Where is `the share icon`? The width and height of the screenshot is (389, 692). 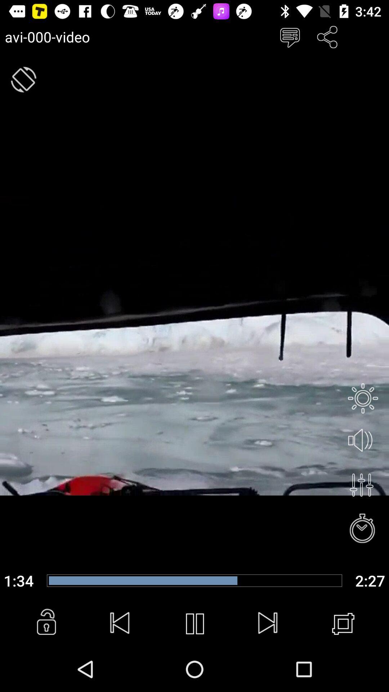
the share icon is located at coordinates (327, 36).